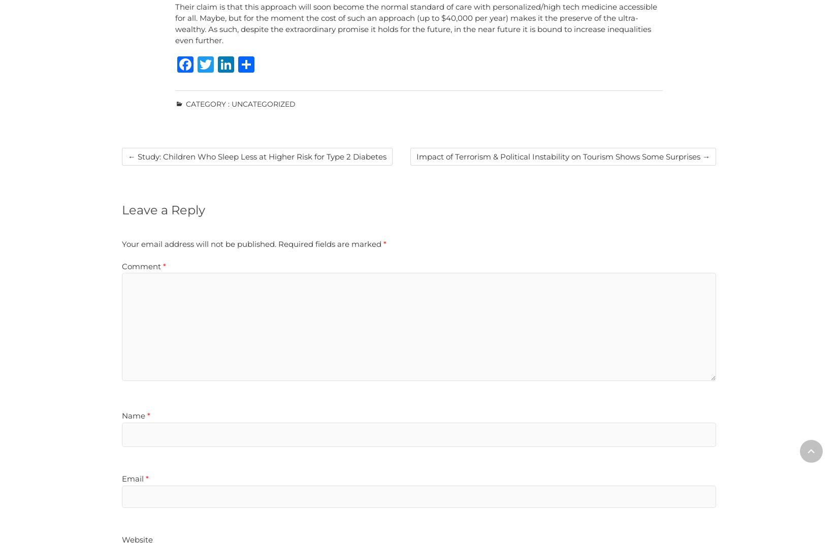 The height and width of the screenshot is (543, 838). Describe the element at coordinates (263, 104) in the screenshot. I see `'Uncategorized'` at that location.